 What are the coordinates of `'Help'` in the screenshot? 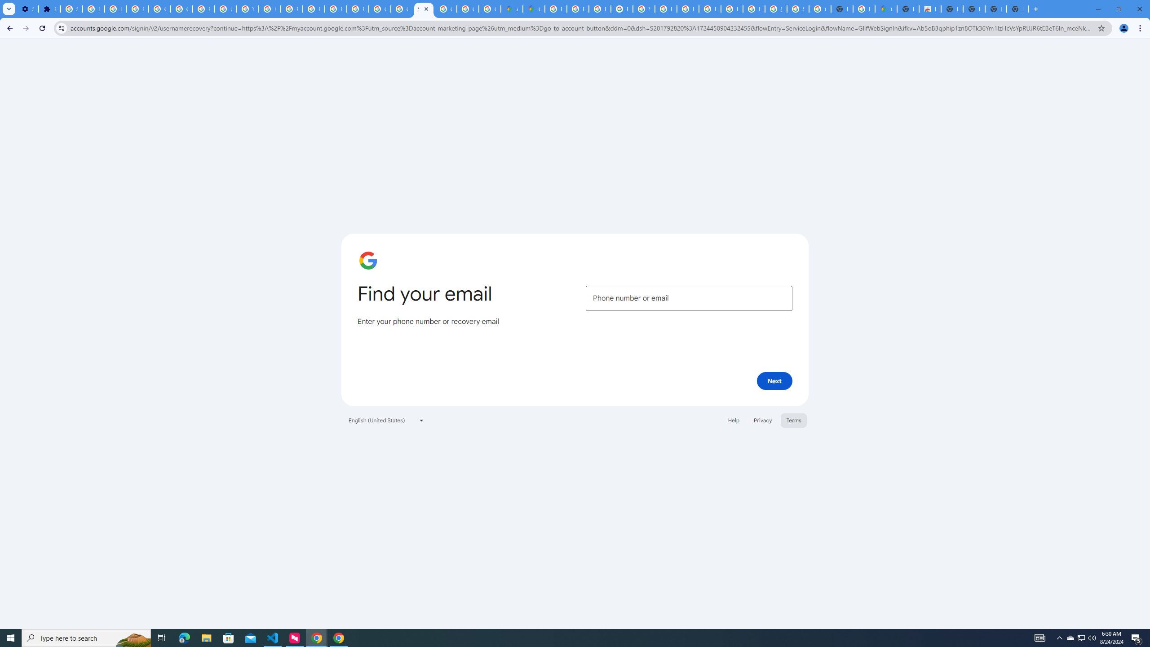 It's located at (733, 420).